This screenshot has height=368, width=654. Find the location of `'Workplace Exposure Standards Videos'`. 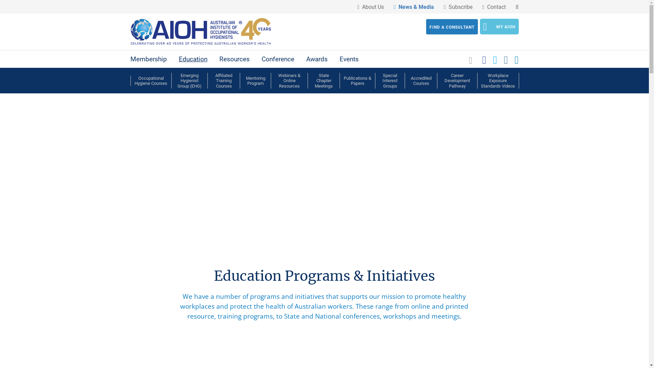

'Workplace Exposure Standards Videos' is located at coordinates (480, 80).